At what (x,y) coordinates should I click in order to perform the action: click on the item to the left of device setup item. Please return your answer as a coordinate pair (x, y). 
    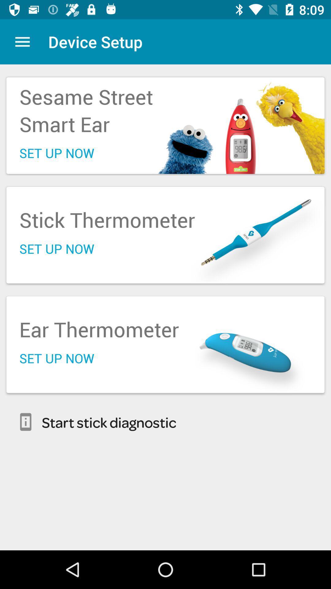
    Looking at the image, I should click on (22, 41).